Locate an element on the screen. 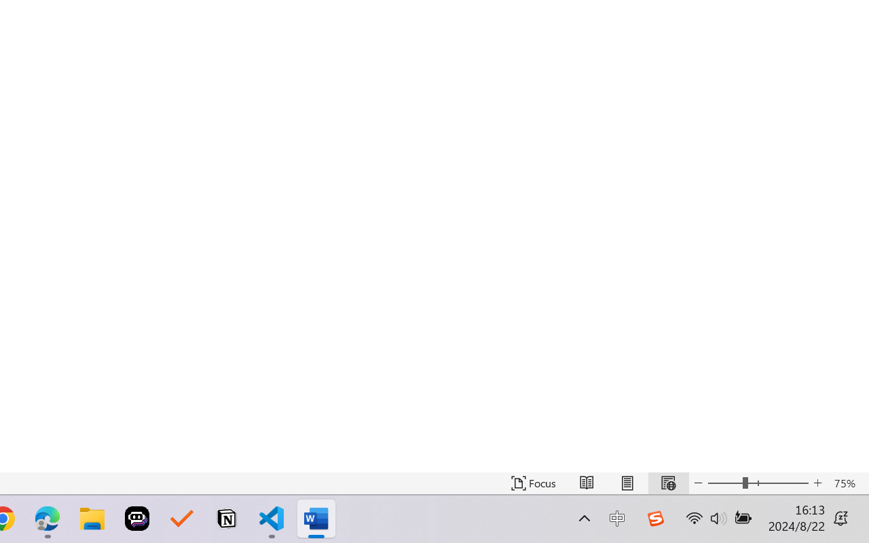 Image resolution: width=869 pixels, height=543 pixels. 'Zoom' is located at coordinates (757, 483).